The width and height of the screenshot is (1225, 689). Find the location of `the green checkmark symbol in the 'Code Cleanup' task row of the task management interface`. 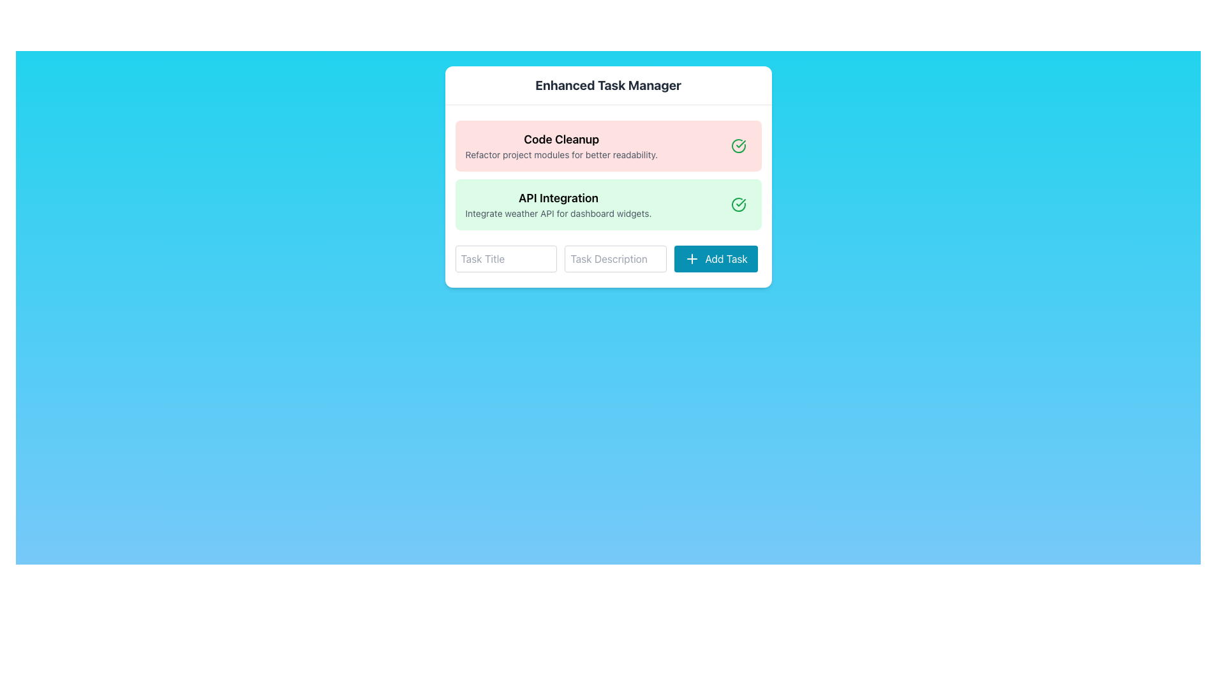

the green checkmark symbol in the 'Code Cleanup' task row of the task management interface is located at coordinates (741, 202).